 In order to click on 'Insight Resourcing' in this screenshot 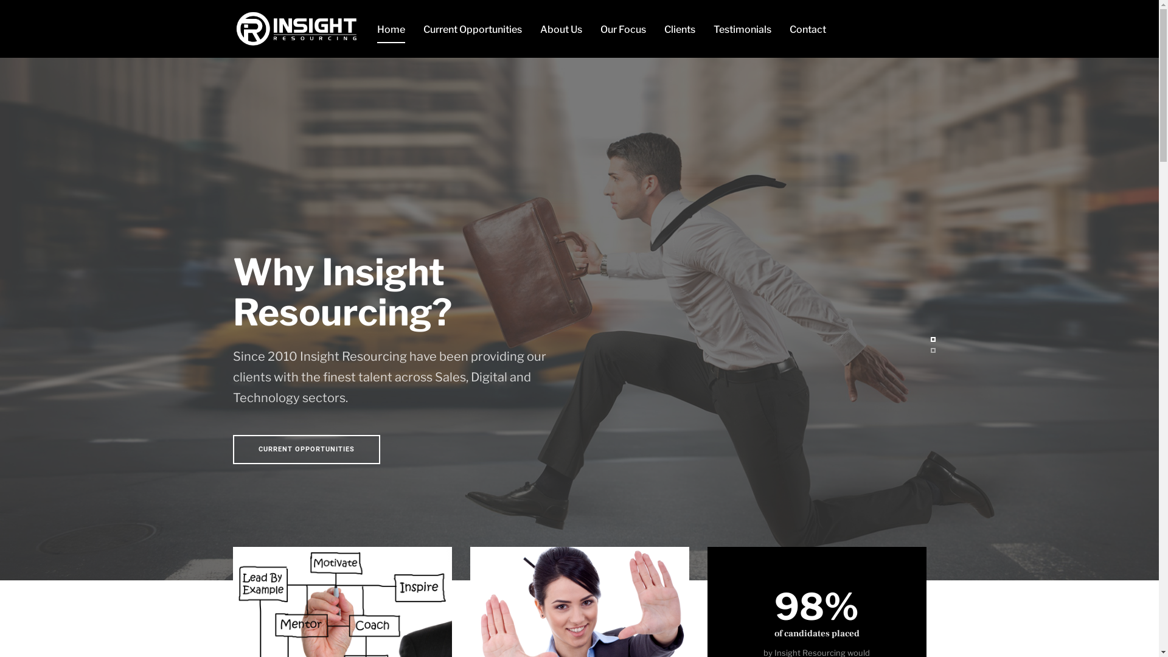, I will do `click(295, 28)`.